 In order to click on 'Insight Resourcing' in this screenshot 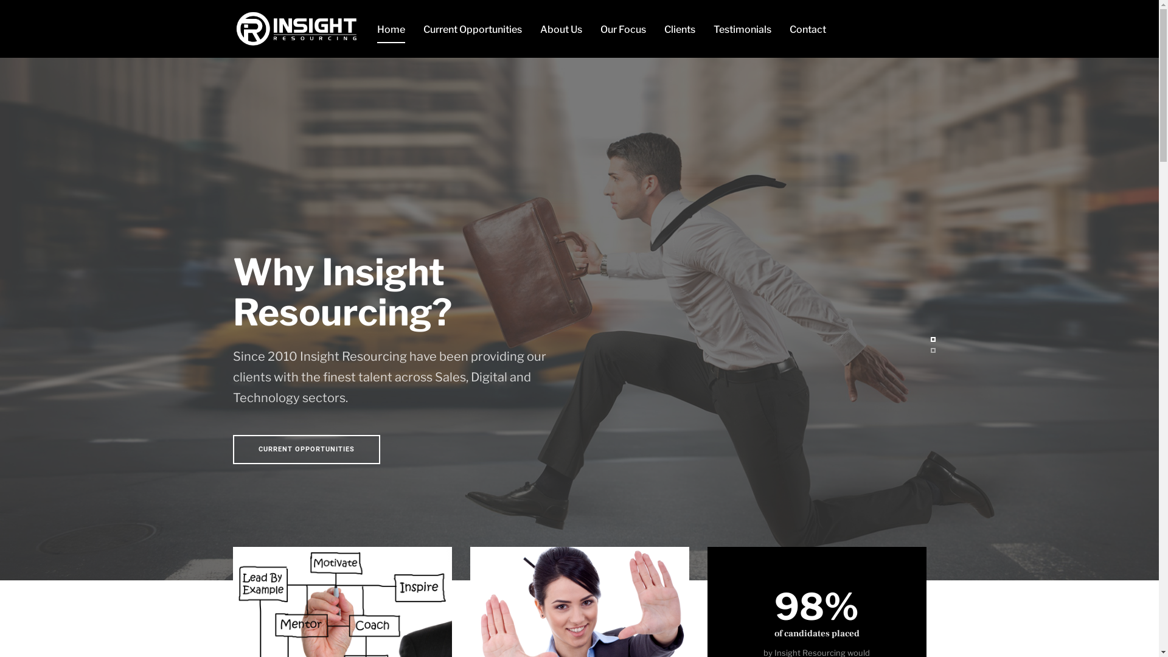, I will do `click(295, 28)`.